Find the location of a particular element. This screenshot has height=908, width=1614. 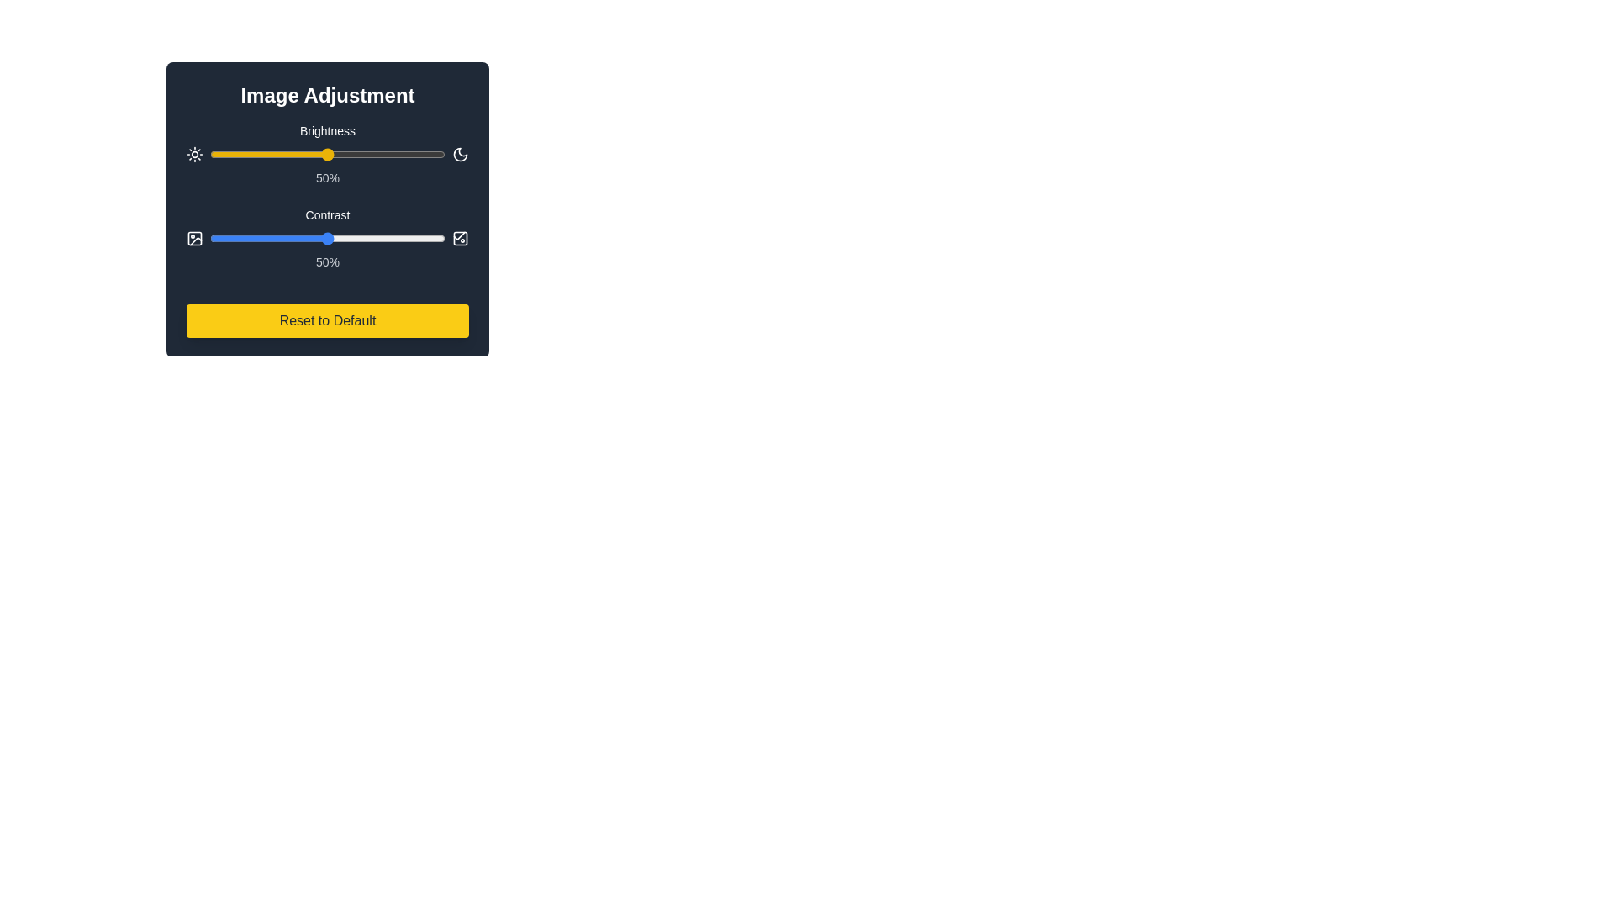

brightness is located at coordinates (372, 155).